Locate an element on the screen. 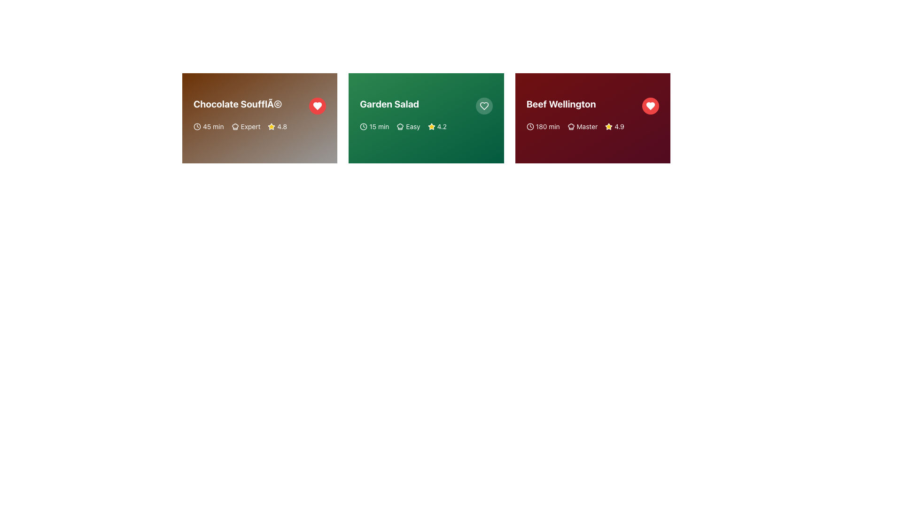 This screenshot has height=507, width=902. the heart icon representing the 'like' action for the recipe 'Chocolate Soufflé' located in the top-right corner of the recipe card is located at coordinates (318, 106).